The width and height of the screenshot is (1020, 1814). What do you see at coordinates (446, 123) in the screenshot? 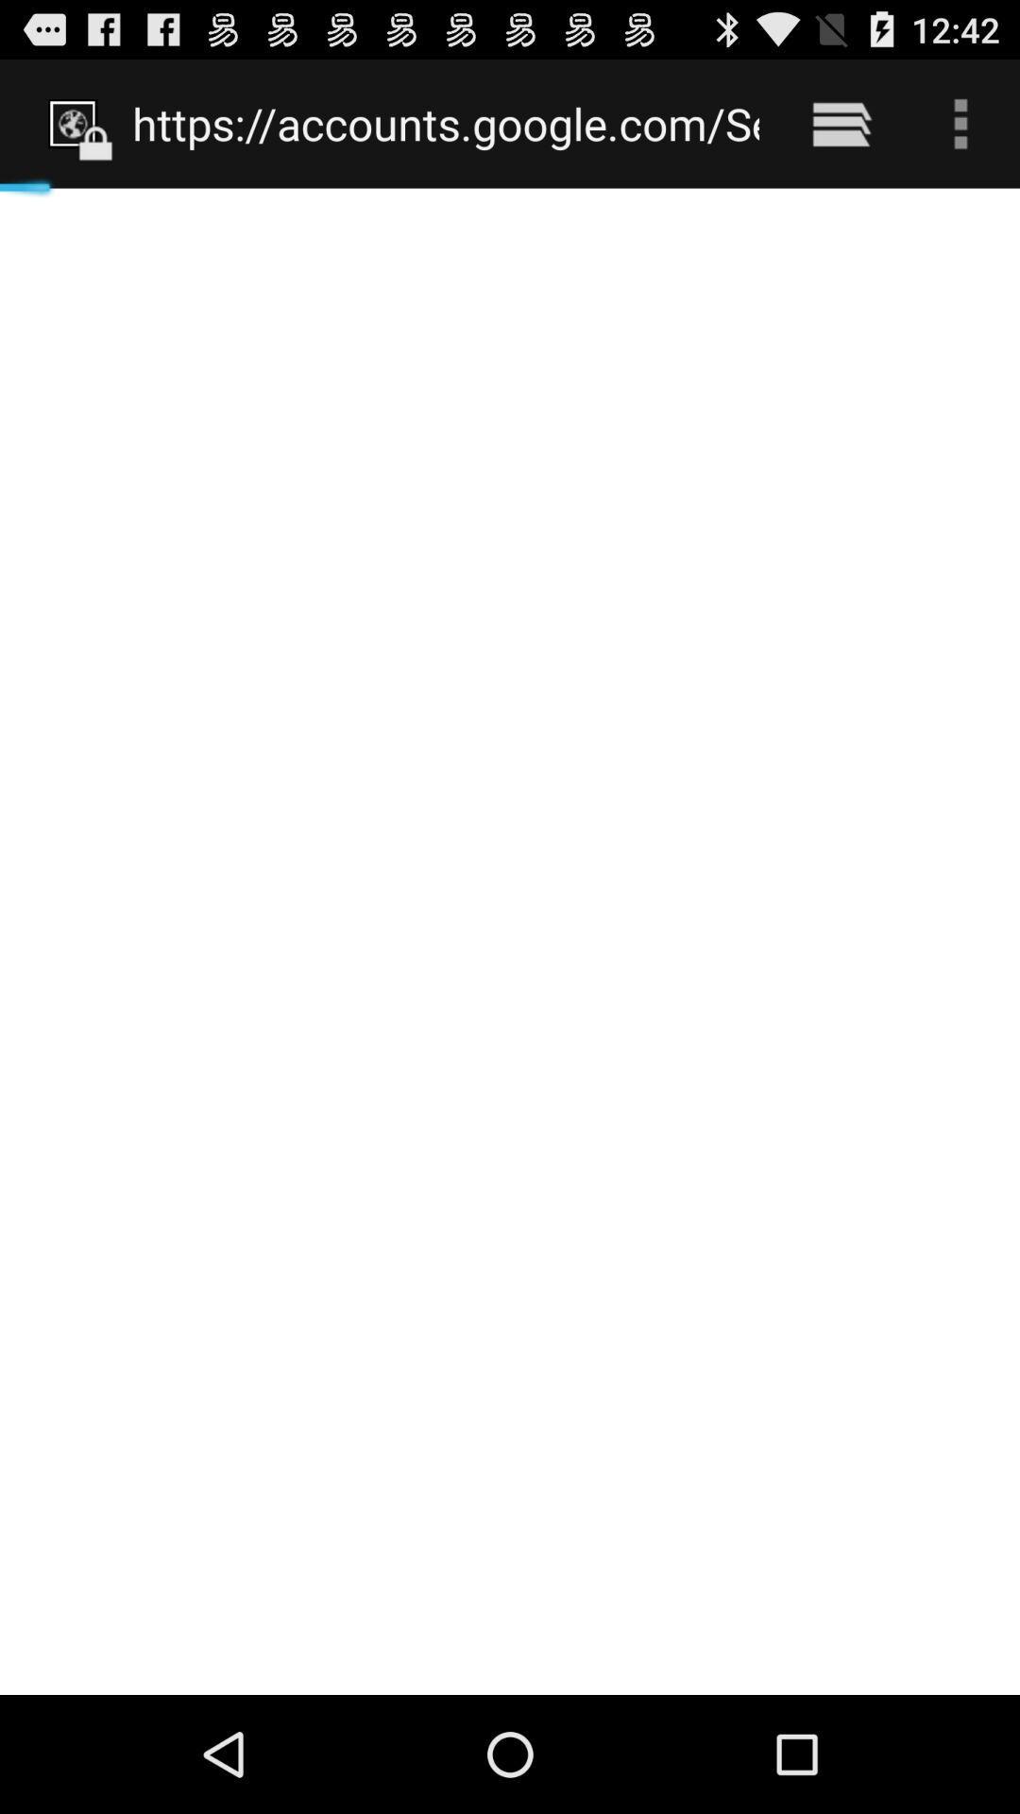
I see `https accounts google icon` at bounding box center [446, 123].